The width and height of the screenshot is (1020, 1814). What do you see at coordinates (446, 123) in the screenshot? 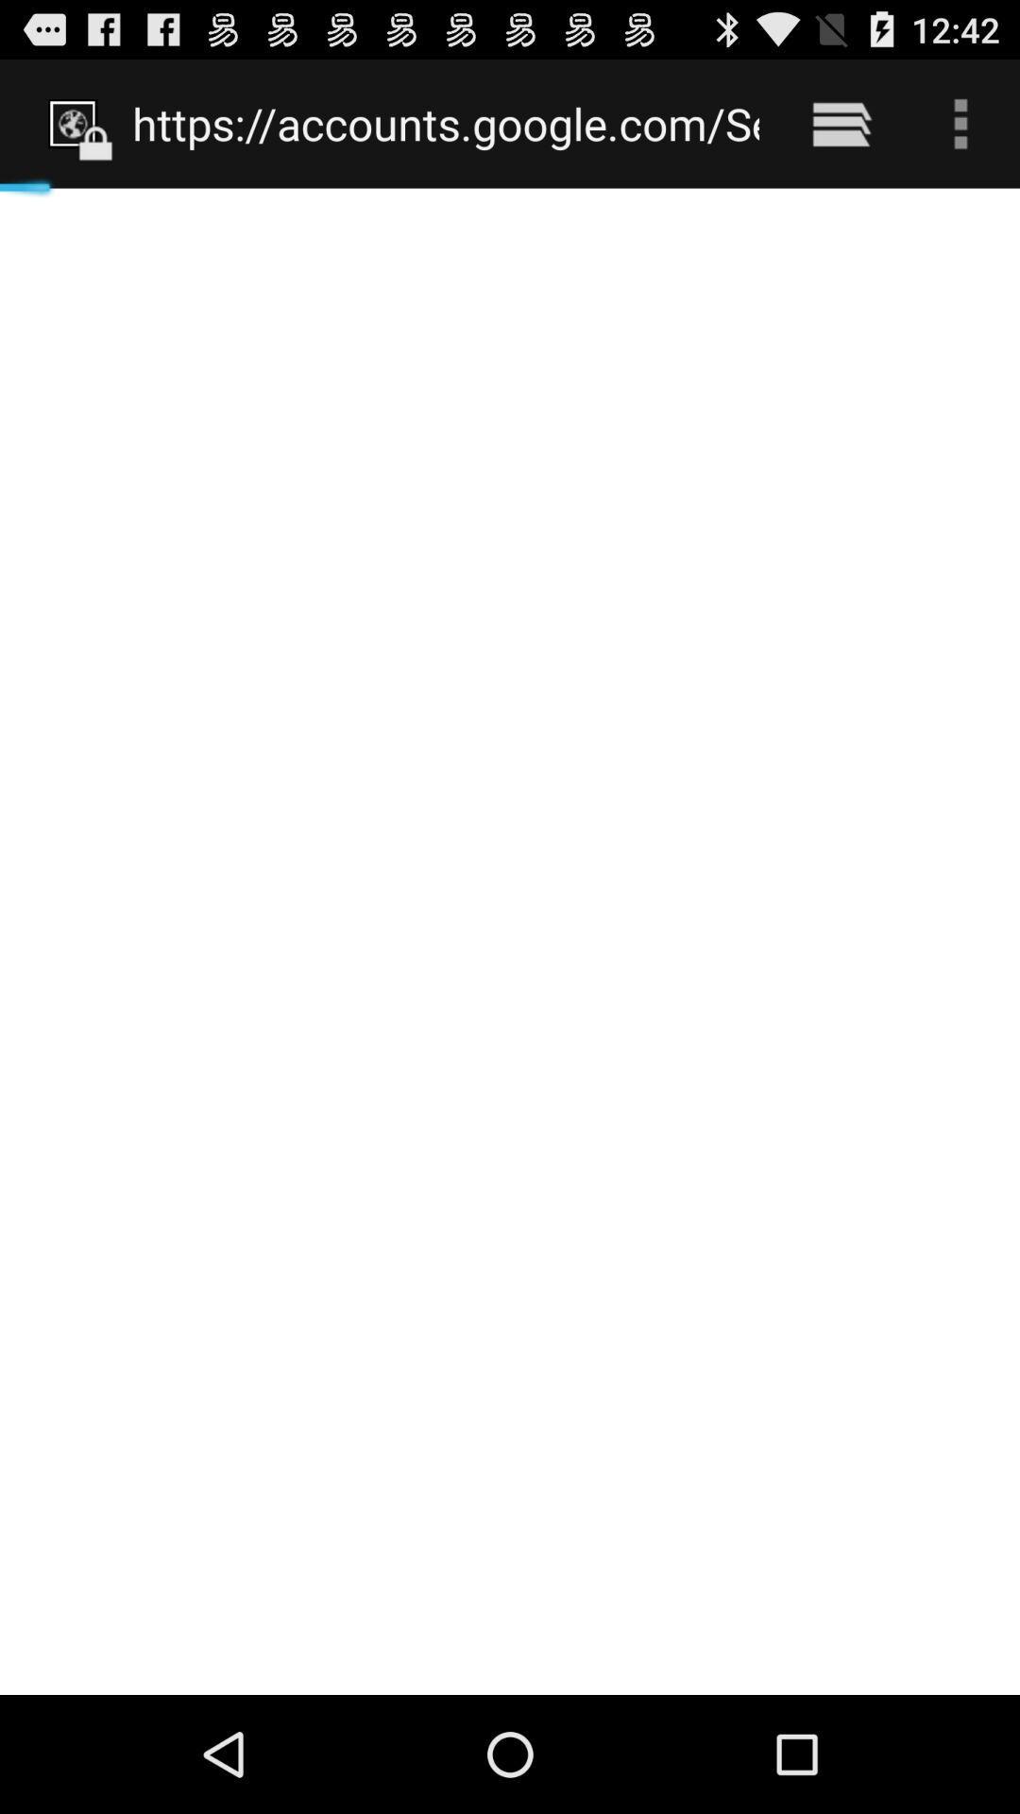
I see `https accounts google icon` at bounding box center [446, 123].